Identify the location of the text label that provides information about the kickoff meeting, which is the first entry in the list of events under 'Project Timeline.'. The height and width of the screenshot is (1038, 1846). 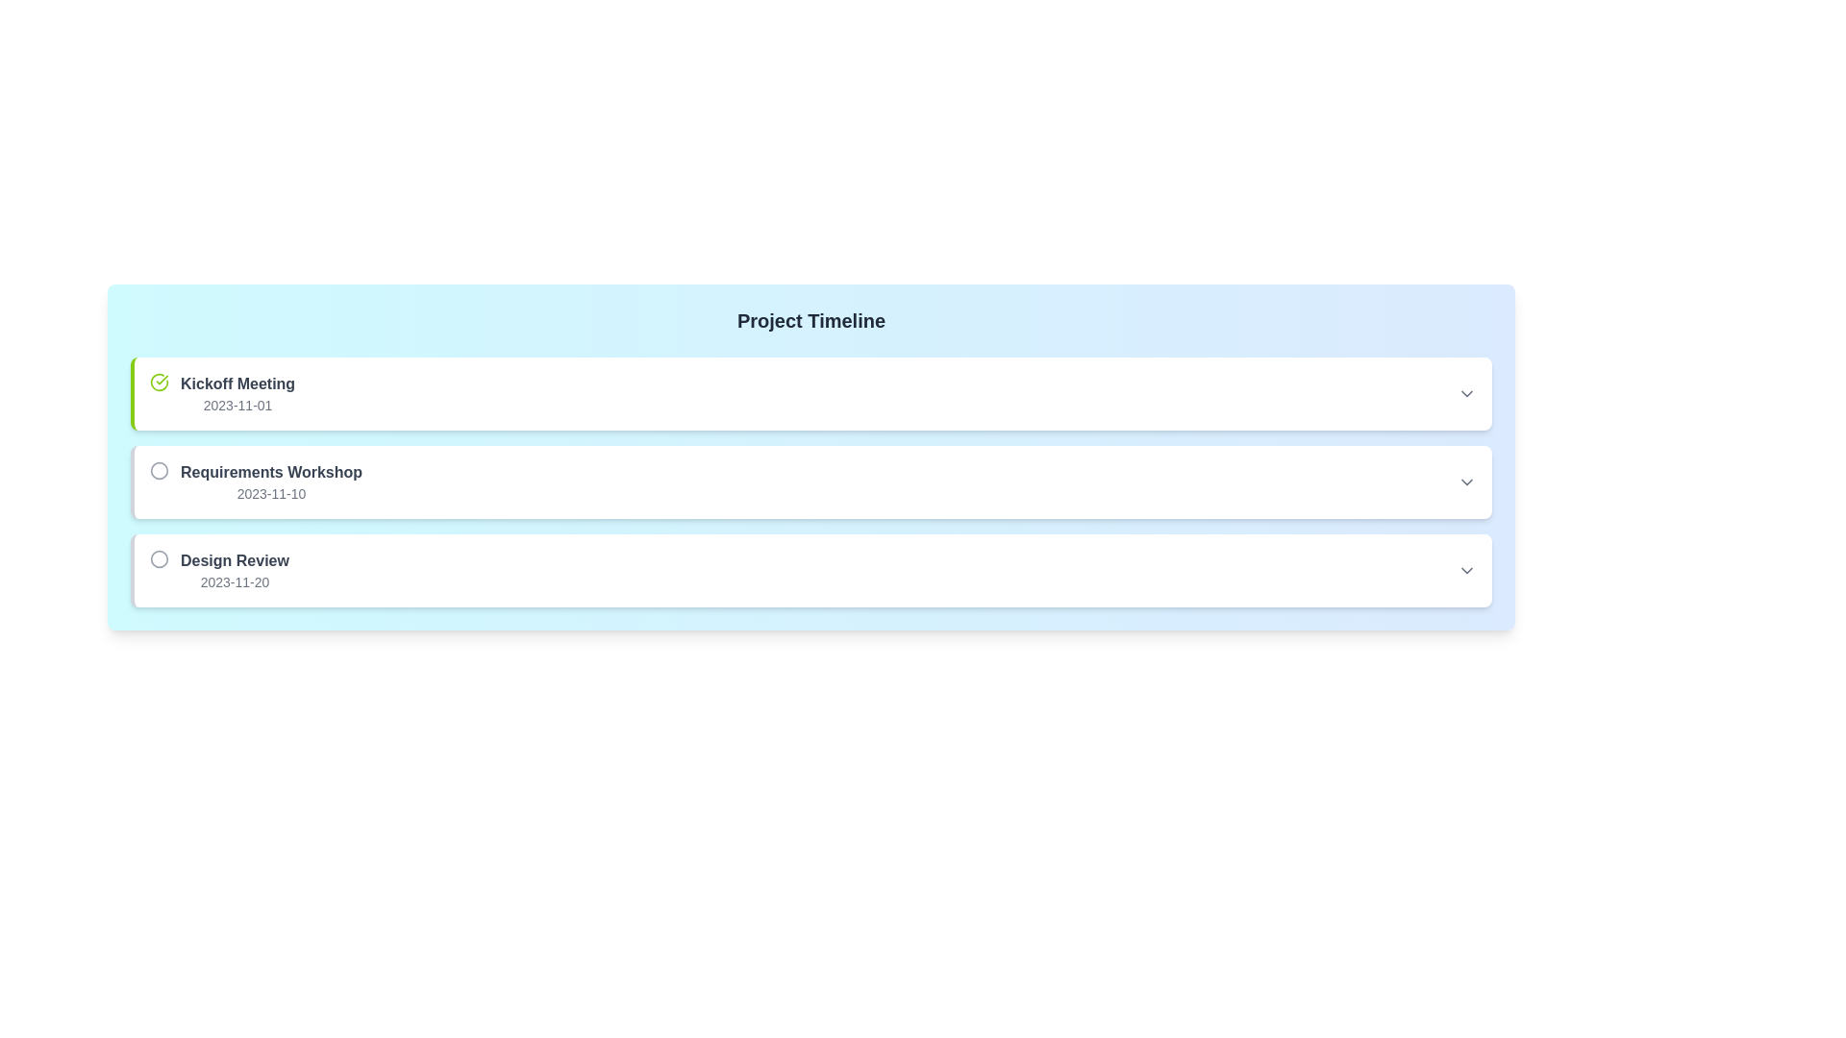
(237, 392).